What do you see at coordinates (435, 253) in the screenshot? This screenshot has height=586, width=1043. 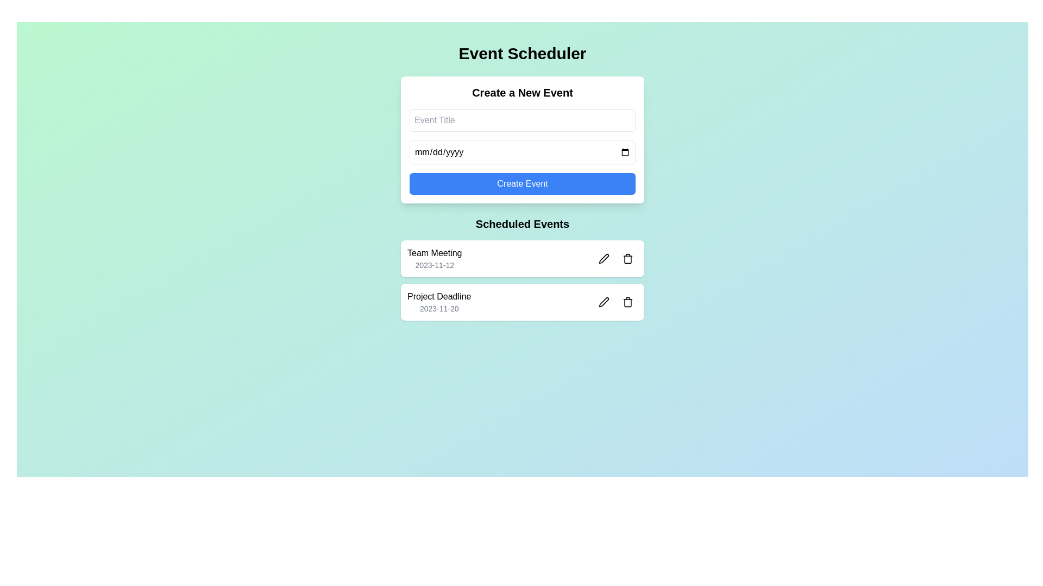 I see `the 'Team Meeting' text label, which is displayed prominently in a medium font weight within the first card of the 'Scheduled Events' section` at bounding box center [435, 253].